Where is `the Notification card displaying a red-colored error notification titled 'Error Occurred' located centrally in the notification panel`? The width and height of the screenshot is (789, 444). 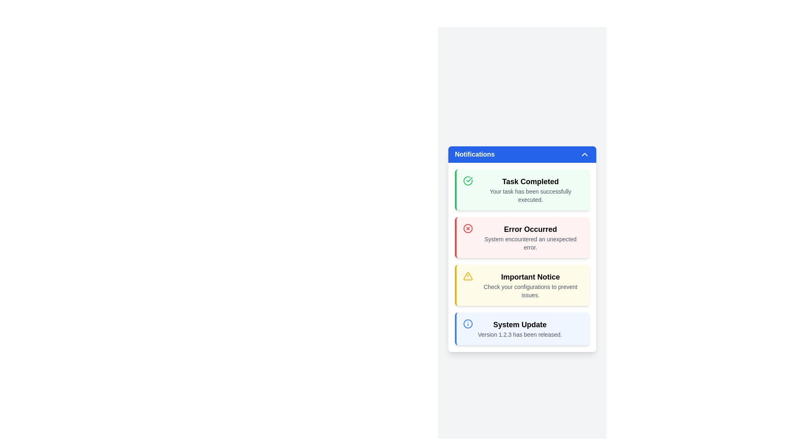 the Notification card displaying a red-colored error notification titled 'Error Occurred' located centrally in the notification panel is located at coordinates (522, 257).